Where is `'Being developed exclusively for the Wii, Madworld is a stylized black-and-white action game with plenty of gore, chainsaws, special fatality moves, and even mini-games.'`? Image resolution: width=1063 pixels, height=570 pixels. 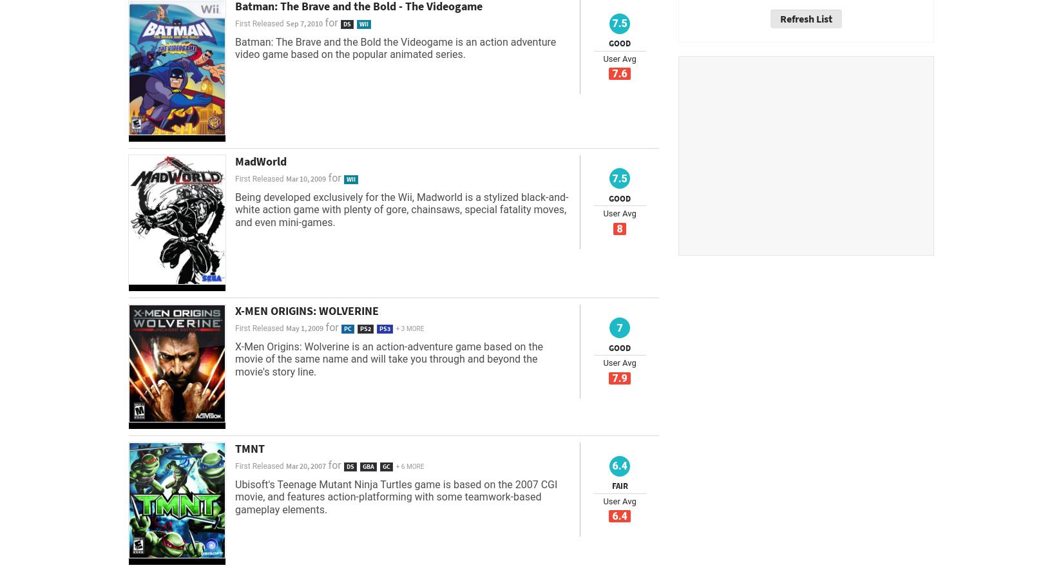 'Being developed exclusively for the Wii, Madworld is a stylized black-and-white action game with plenty of gore, chainsaws, special fatality moves, and even mini-games.' is located at coordinates (235, 209).